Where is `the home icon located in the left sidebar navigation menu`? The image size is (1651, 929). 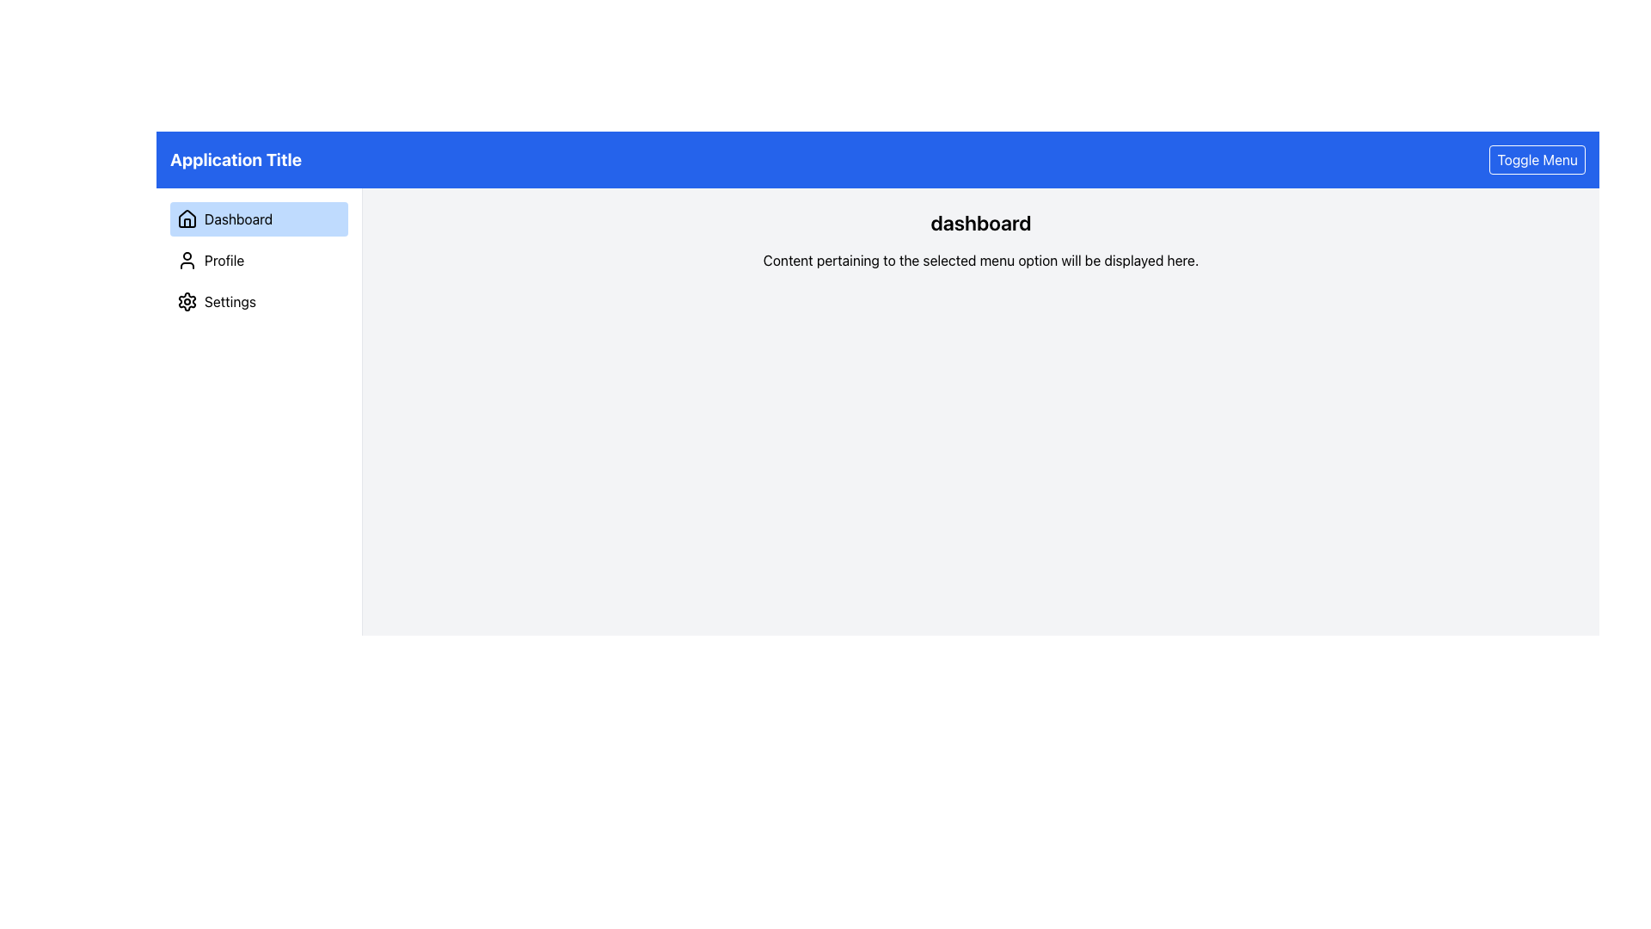
the home icon located in the left sidebar navigation menu is located at coordinates (187, 222).